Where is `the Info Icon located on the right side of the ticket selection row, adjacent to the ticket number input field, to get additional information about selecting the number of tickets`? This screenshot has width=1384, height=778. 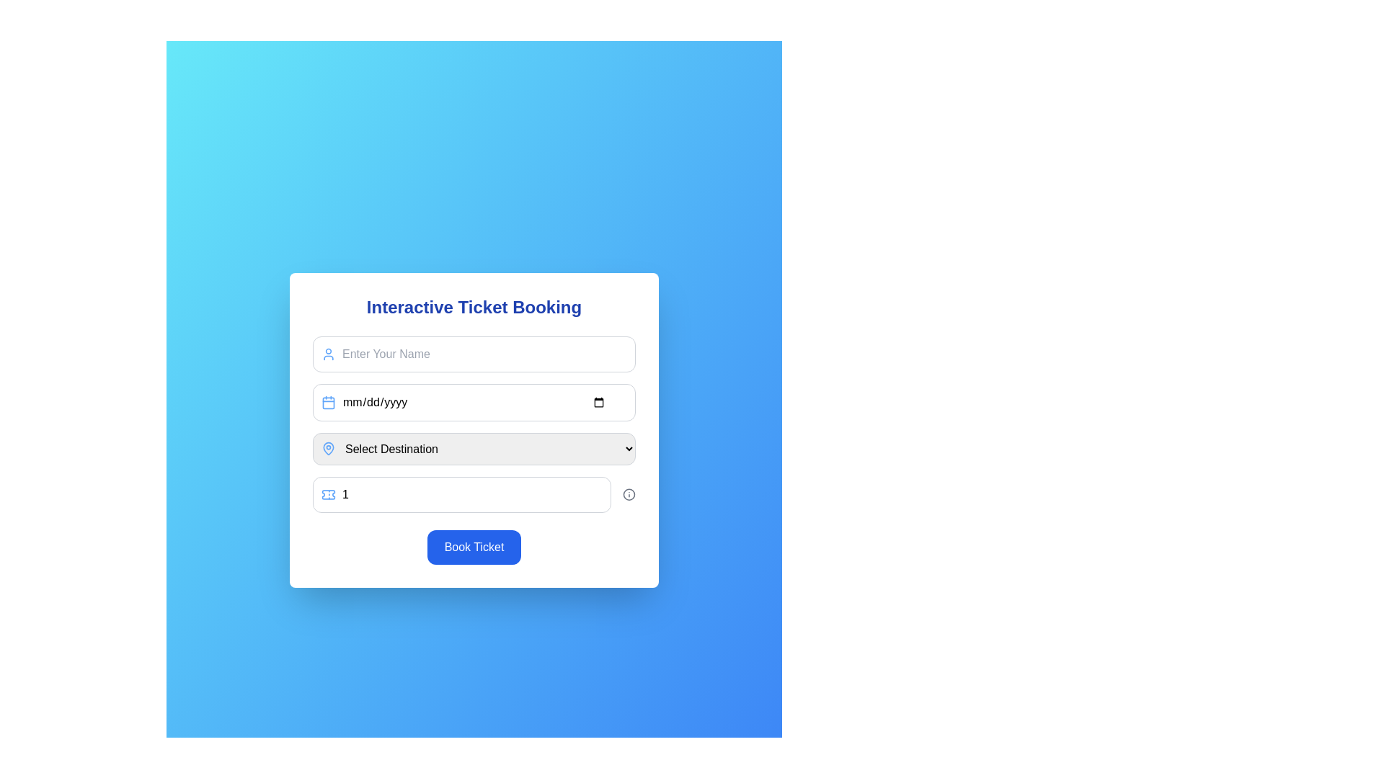
the Info Icon located on the right side of the ticket selection row, adjacent to the ticket number input field, to get additional information about selecting the number of tickets is located at coordinates (629, 493).